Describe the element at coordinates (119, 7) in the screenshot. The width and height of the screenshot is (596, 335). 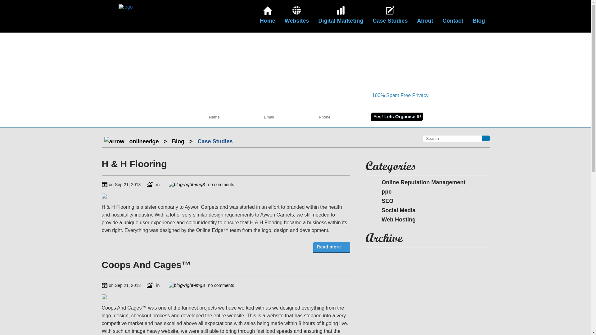
I see `'logo'` at that location.